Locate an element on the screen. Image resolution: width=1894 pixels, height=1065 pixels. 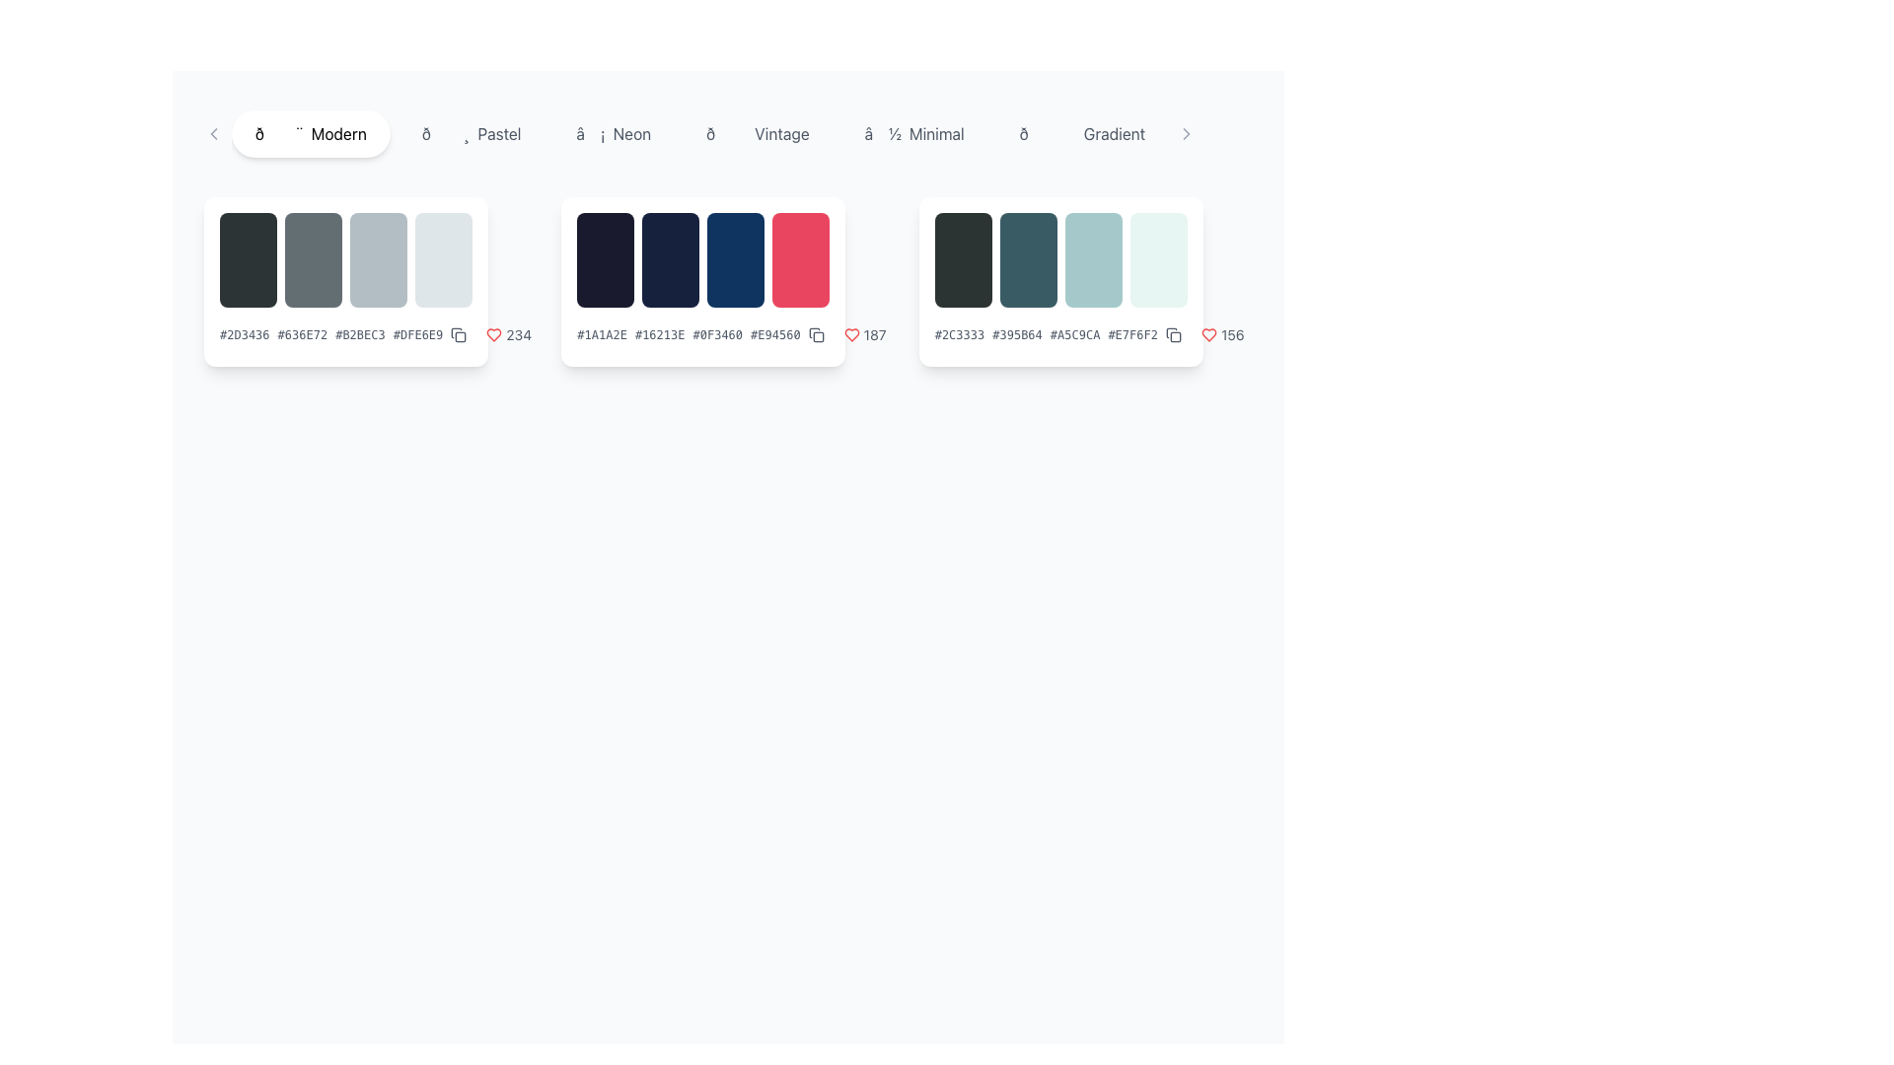
the button located at the bottom-right corner of the second color palette card to copy the palette details is located at coordinates (816, 333).